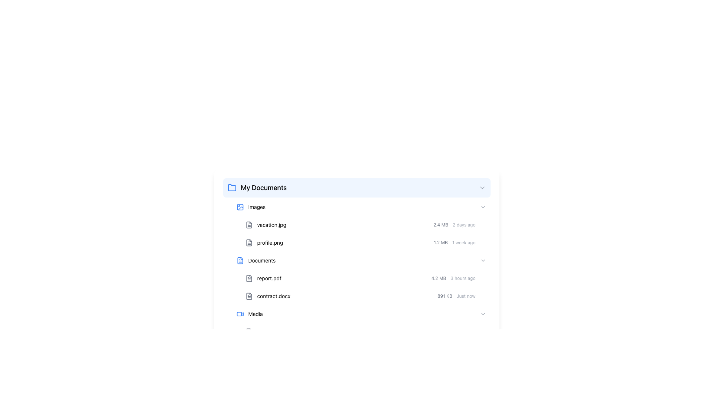 The width and height of the screenshot is (713, 401). I want to click on text label that displays 'Just now', which is a small, understated gray text located to the right of the '891 KB' label and just left of the download icon, so click(466, 296).